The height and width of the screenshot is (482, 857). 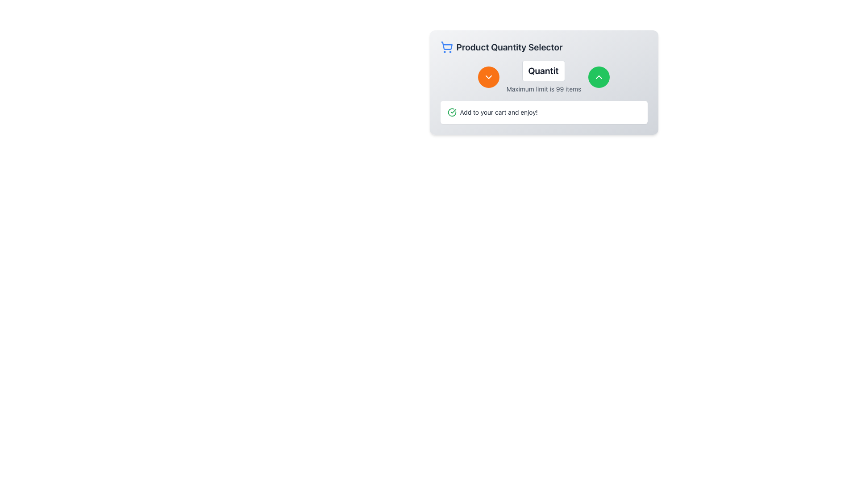 I want to click on the text input field for quantity adjustments, which is centrally positioned above the text stating 'Maximum limit is 99 items', so click(x=543, y=70).